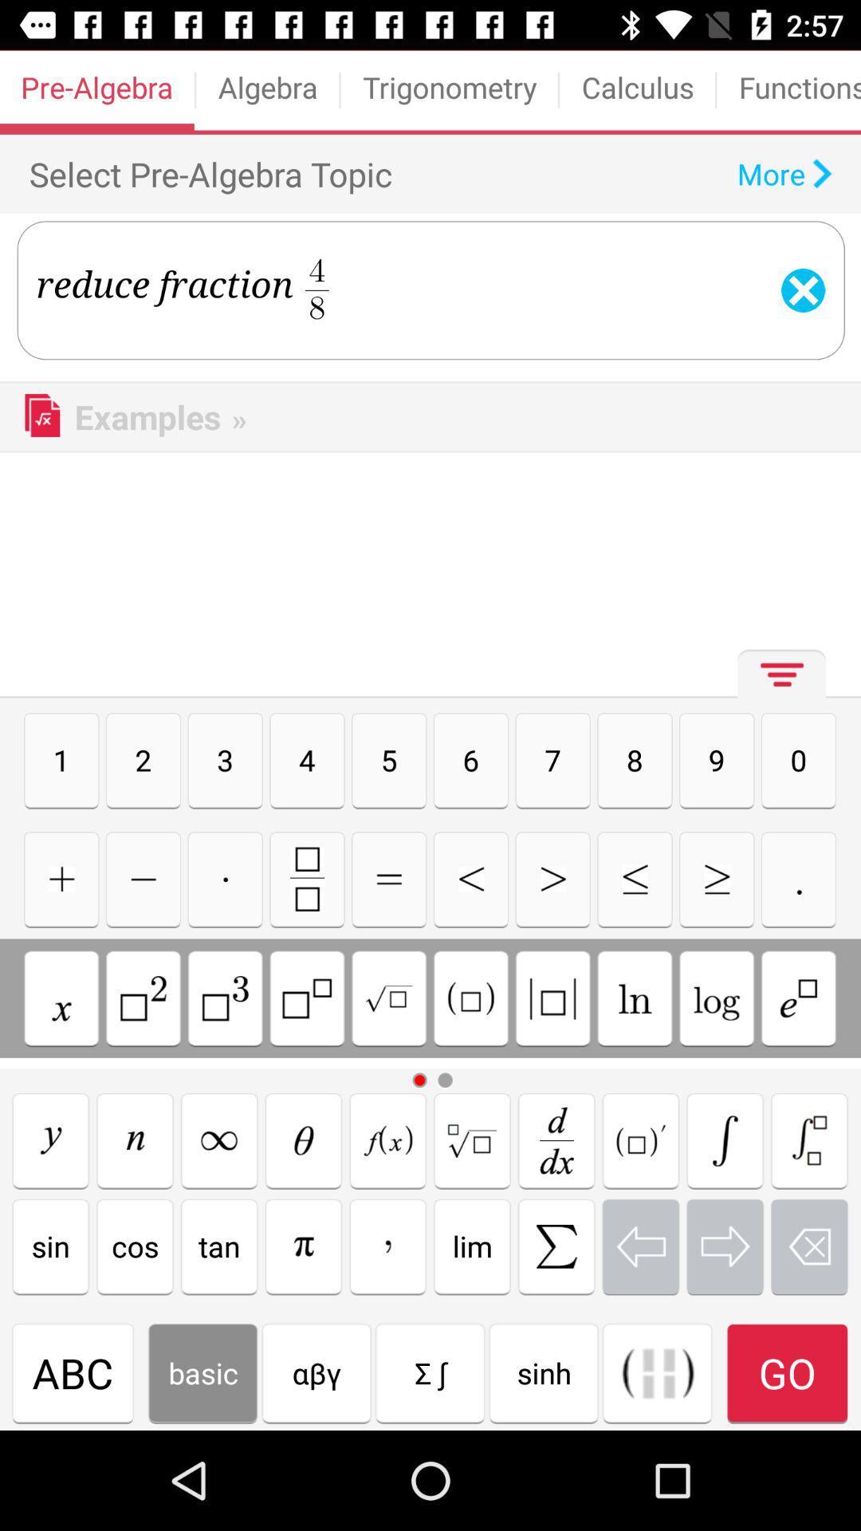 The image size is (861, 1531). Describe the element at coordinates (552, 878) in the screenshot. I see `less or more than` at that location.